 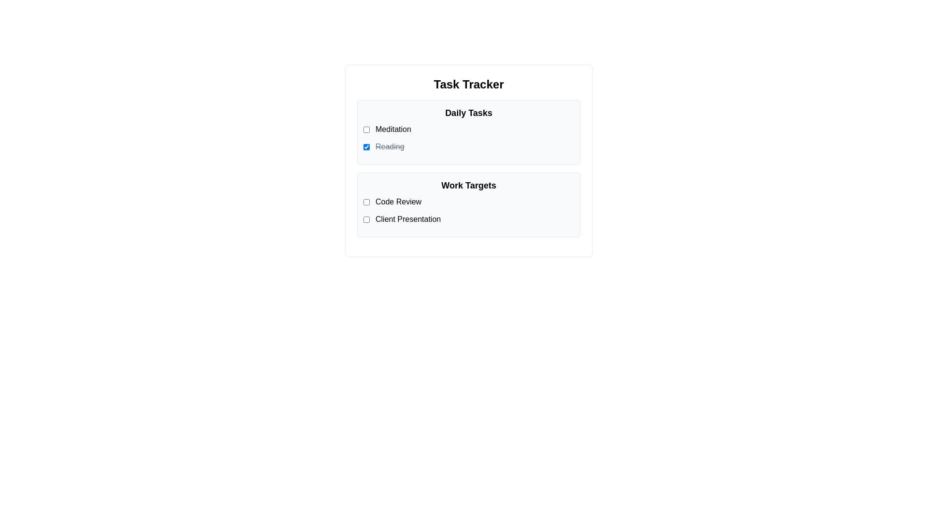 I want to click on text label that reads 'Reading' with a struck-through appearance in the 'Daily Tasks' section of the 'Task Tracker' interface, so click(x=390, y=147).